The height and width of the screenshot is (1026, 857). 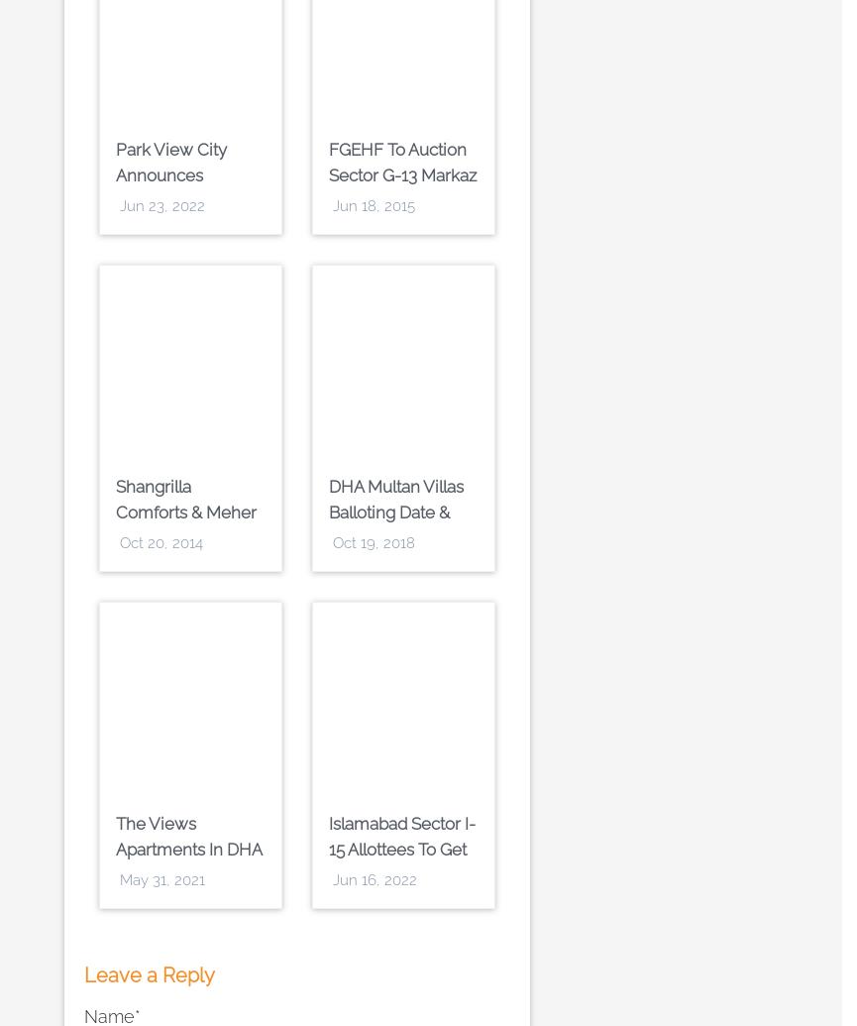 What do you see at coordinates (374, 206) in the screenshot?
I see `'Jun 18, 2015'` at bounding box center [374, 206].